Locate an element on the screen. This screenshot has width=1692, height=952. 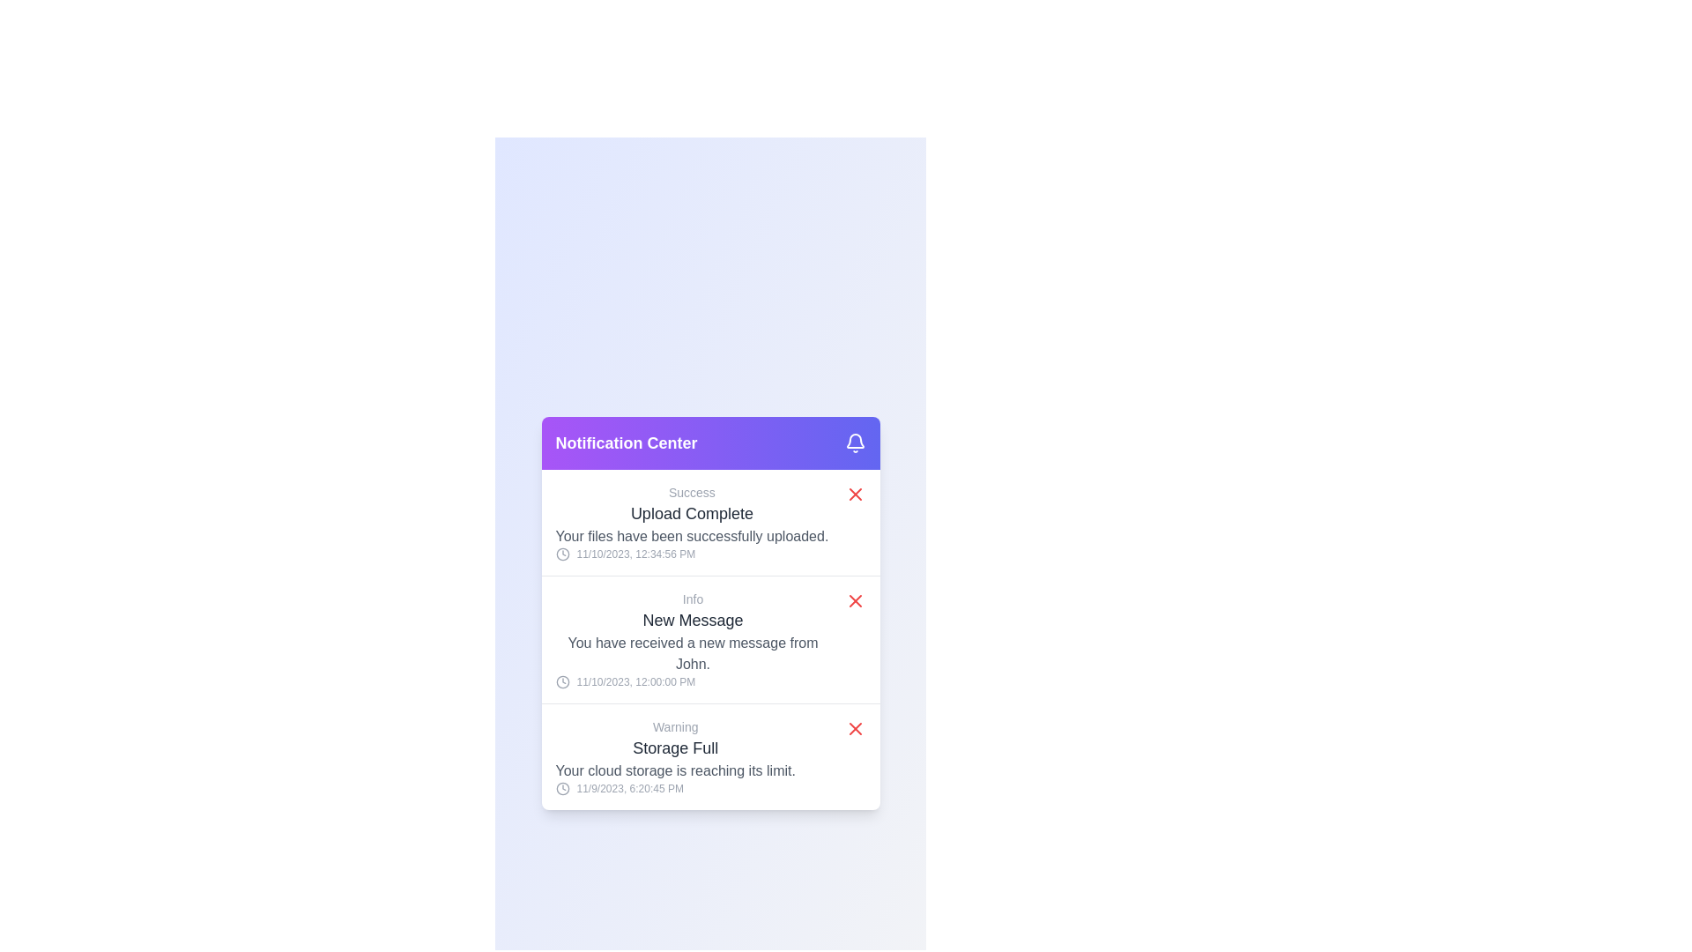
the stylized clock icon located inside the notification panel, which appears under the 'Warning: Storage Full' notification is located at coordinates (561, 787).